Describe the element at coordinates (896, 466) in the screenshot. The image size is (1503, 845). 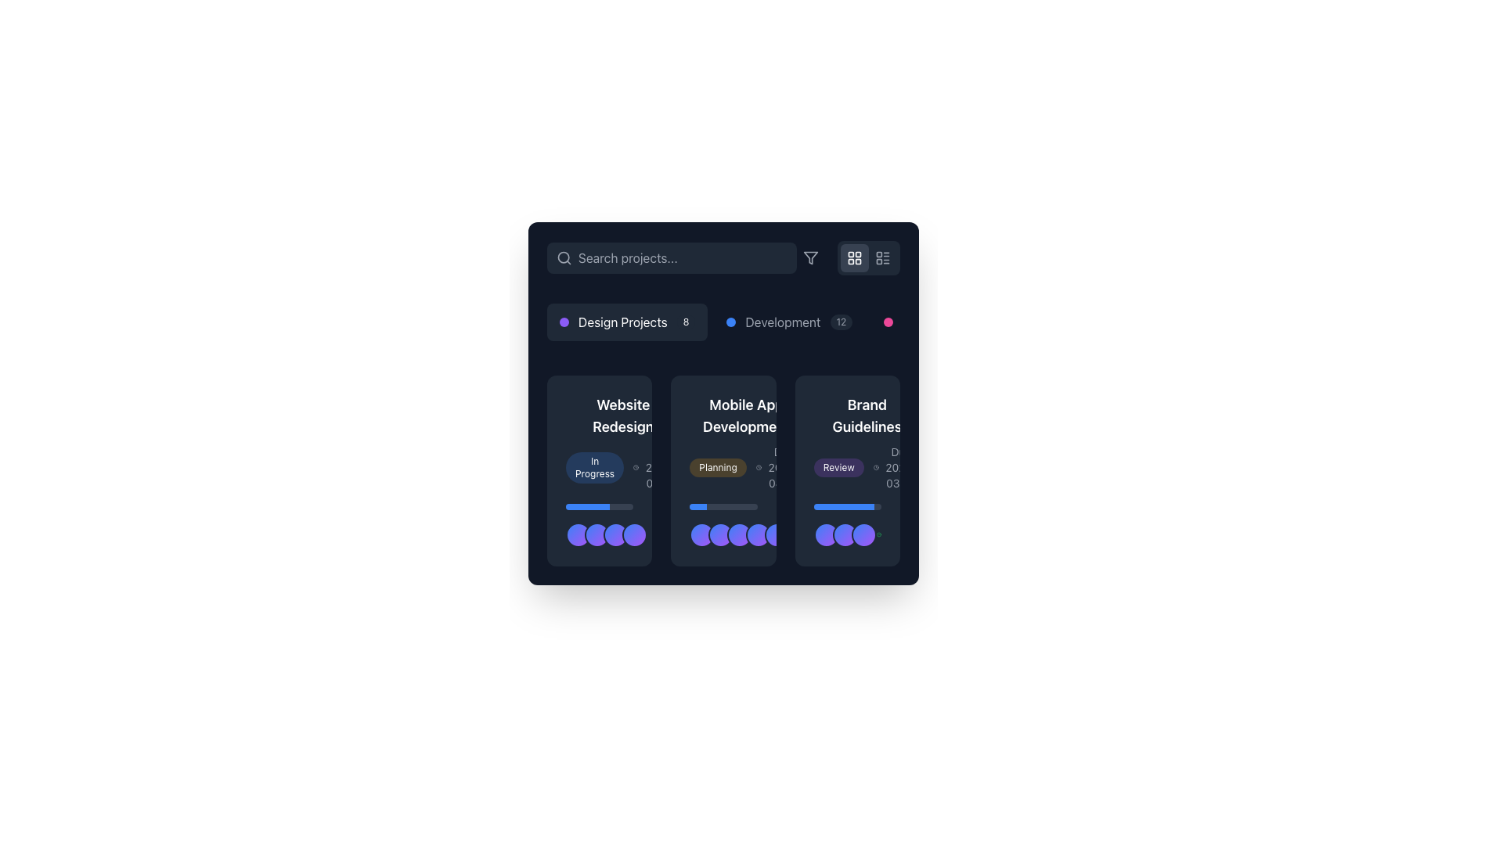
I see `the text label that displays 'Due 2024-03-10' with a clock icon, located within the 'Brand Guidelines' card, positioned near the bottom-right corner of the interface` at that location.